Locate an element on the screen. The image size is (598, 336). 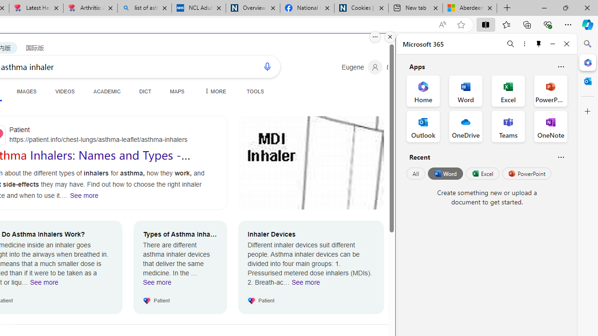
'Word' is located at coordinates (444, 174).